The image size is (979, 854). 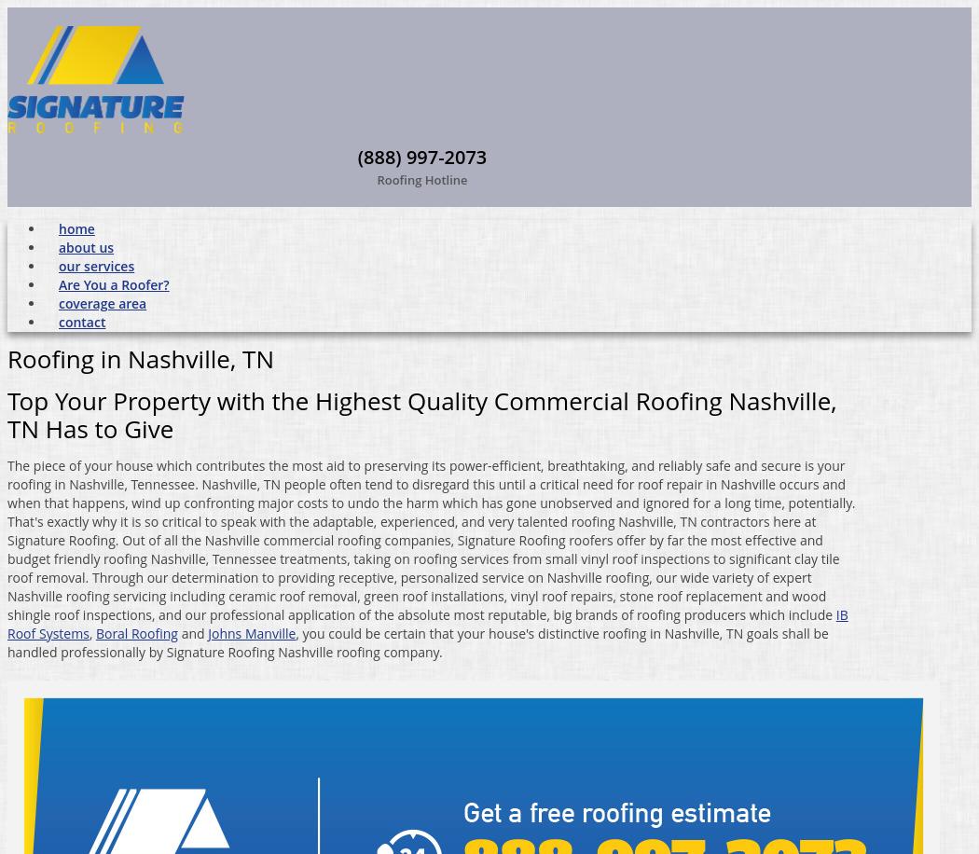 What do you see at coordinates (421, 177) in the screenshot?
I see `'Roofing Hotline'` at bounding box center [421, 177].